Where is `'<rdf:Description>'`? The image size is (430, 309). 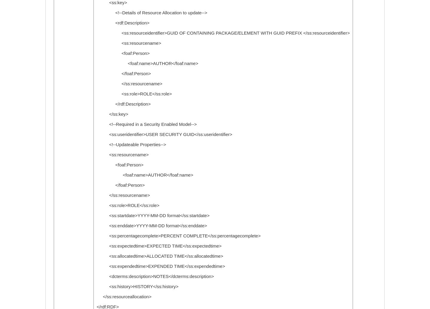
'<rdf:Description>' is located at coordinates (122, 23).